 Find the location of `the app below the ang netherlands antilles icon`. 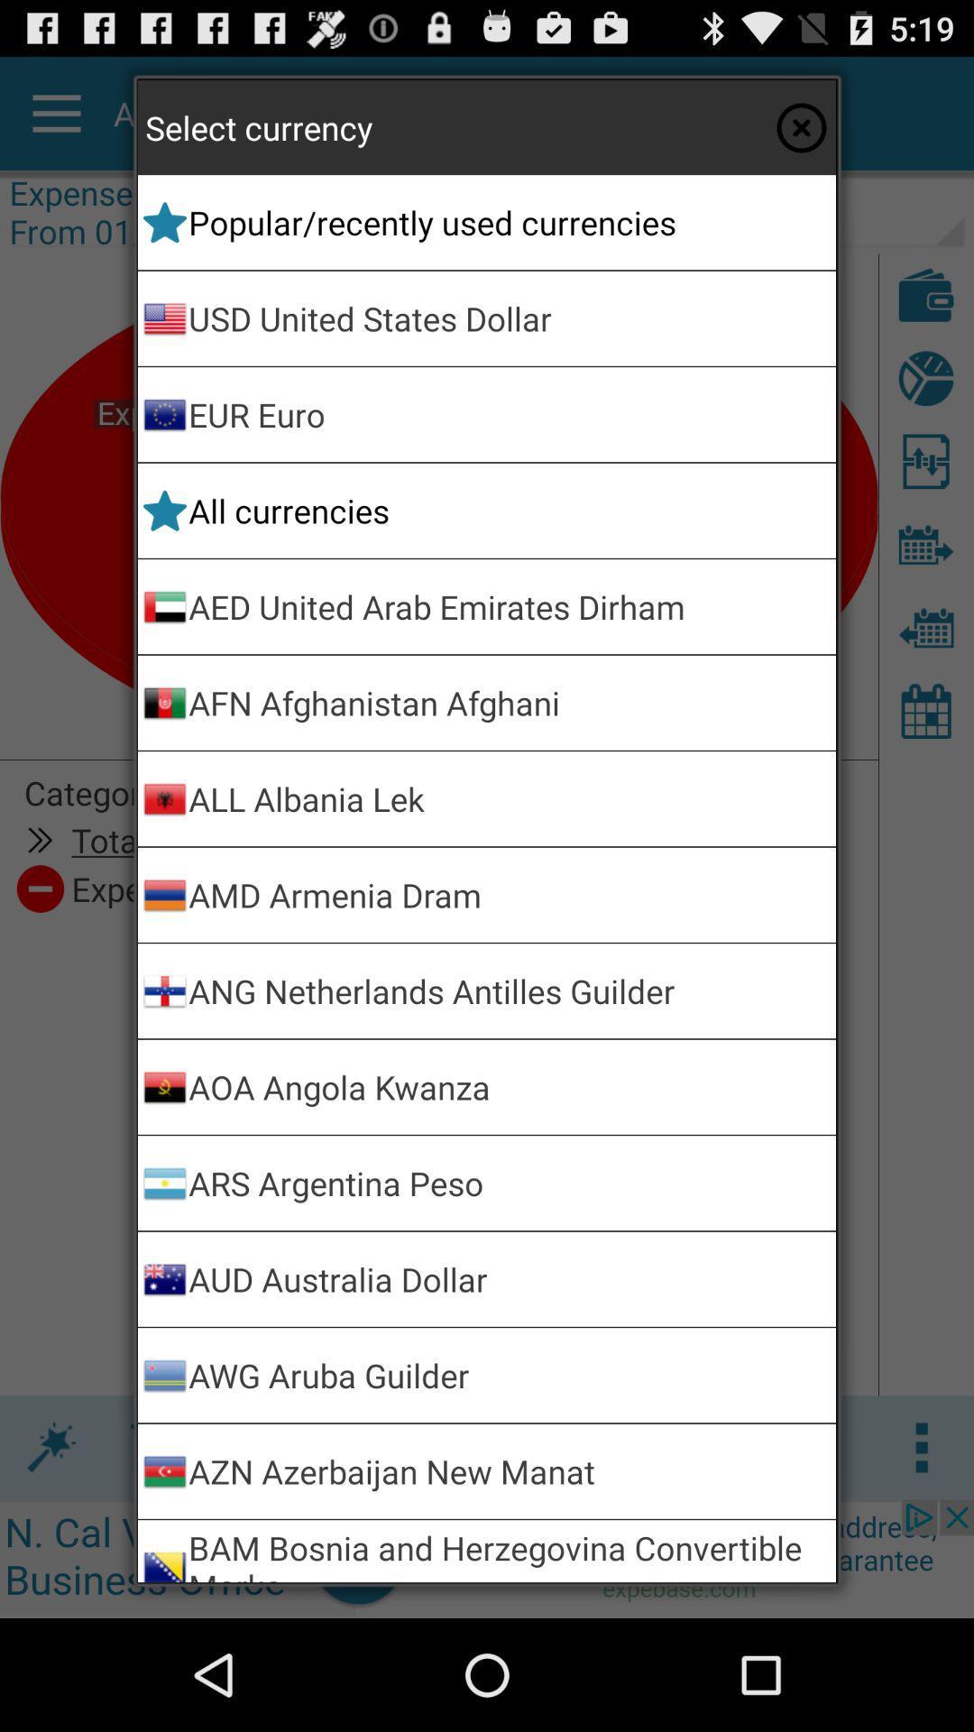

the app below the ang netherlands antilles icon is located at coordinates (509, 1086).